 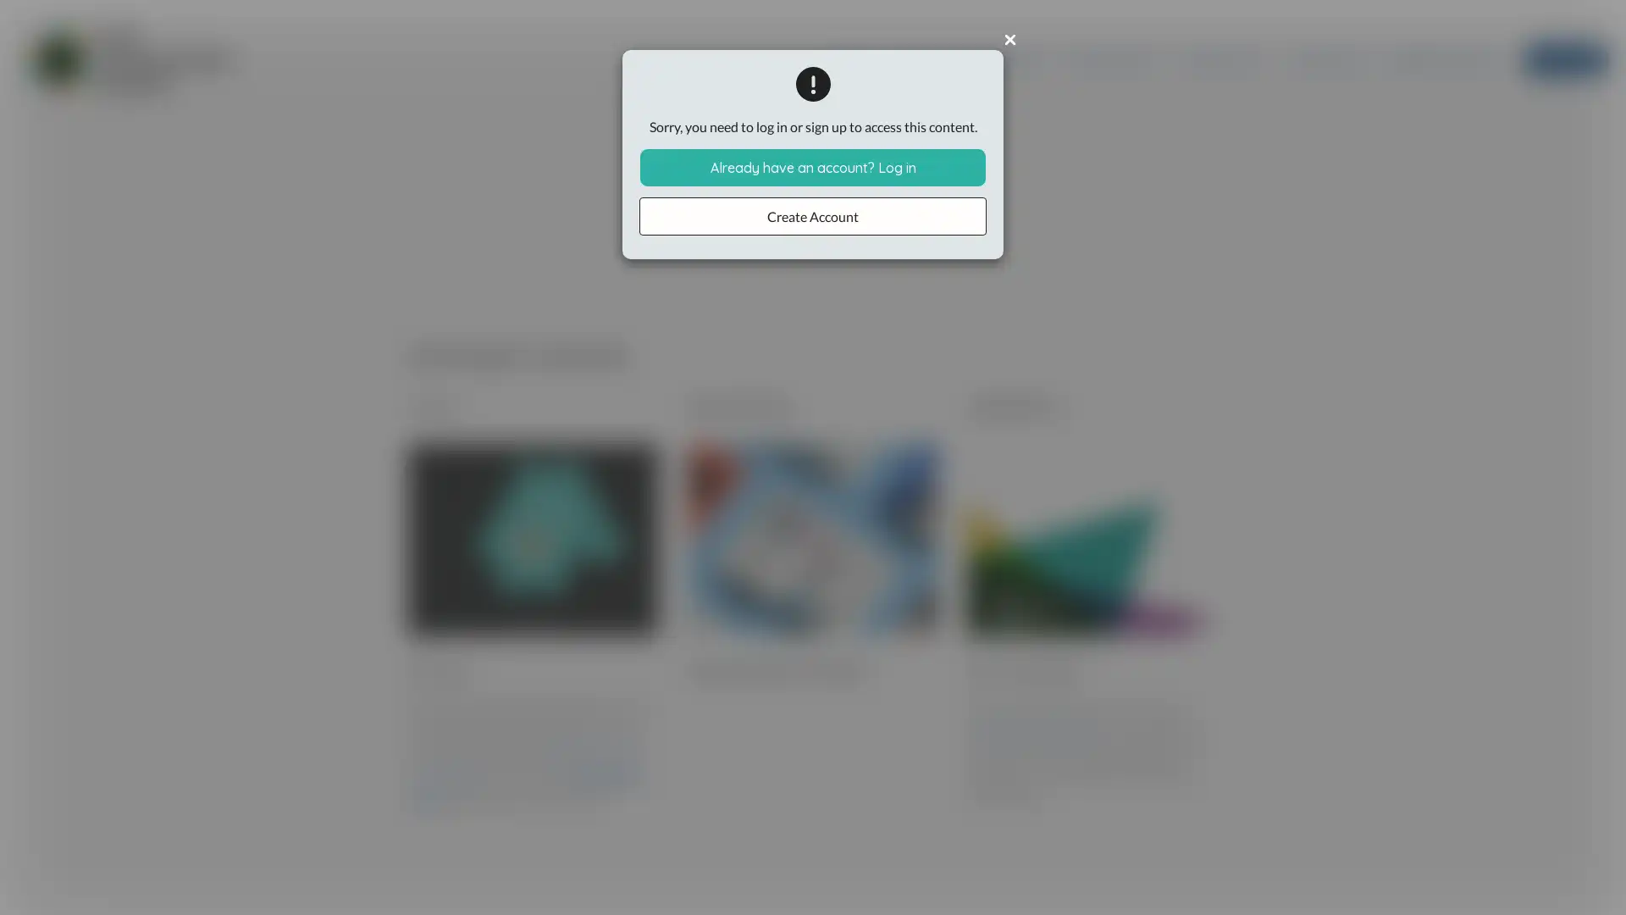 I want to click on Already have an account? Log in, so click(x=813, y=167).